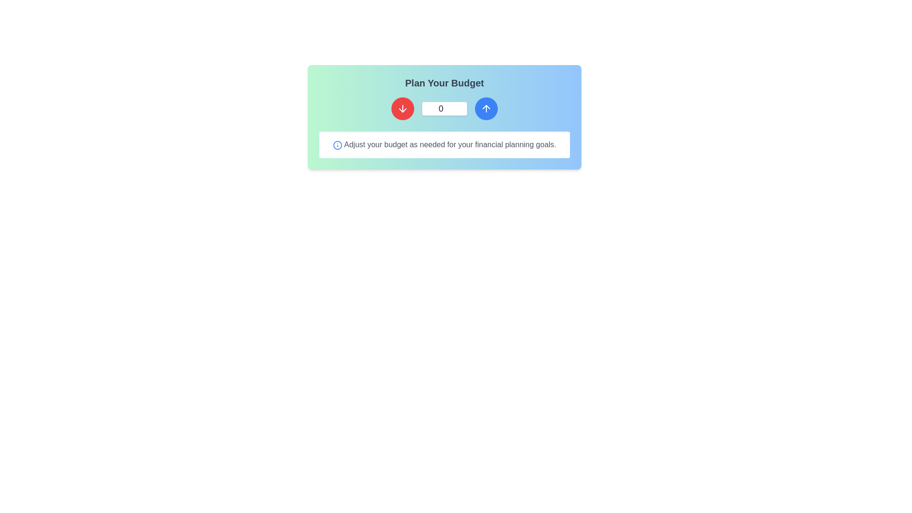 Image resolution: width=912 pixels, height=513 pixels. What do you see at coordinates (486, 108) in the screenshot?
I see `the upward arrow icon embedded in the blue circular button on the right side of the layout` at bounding box center [486, 108].